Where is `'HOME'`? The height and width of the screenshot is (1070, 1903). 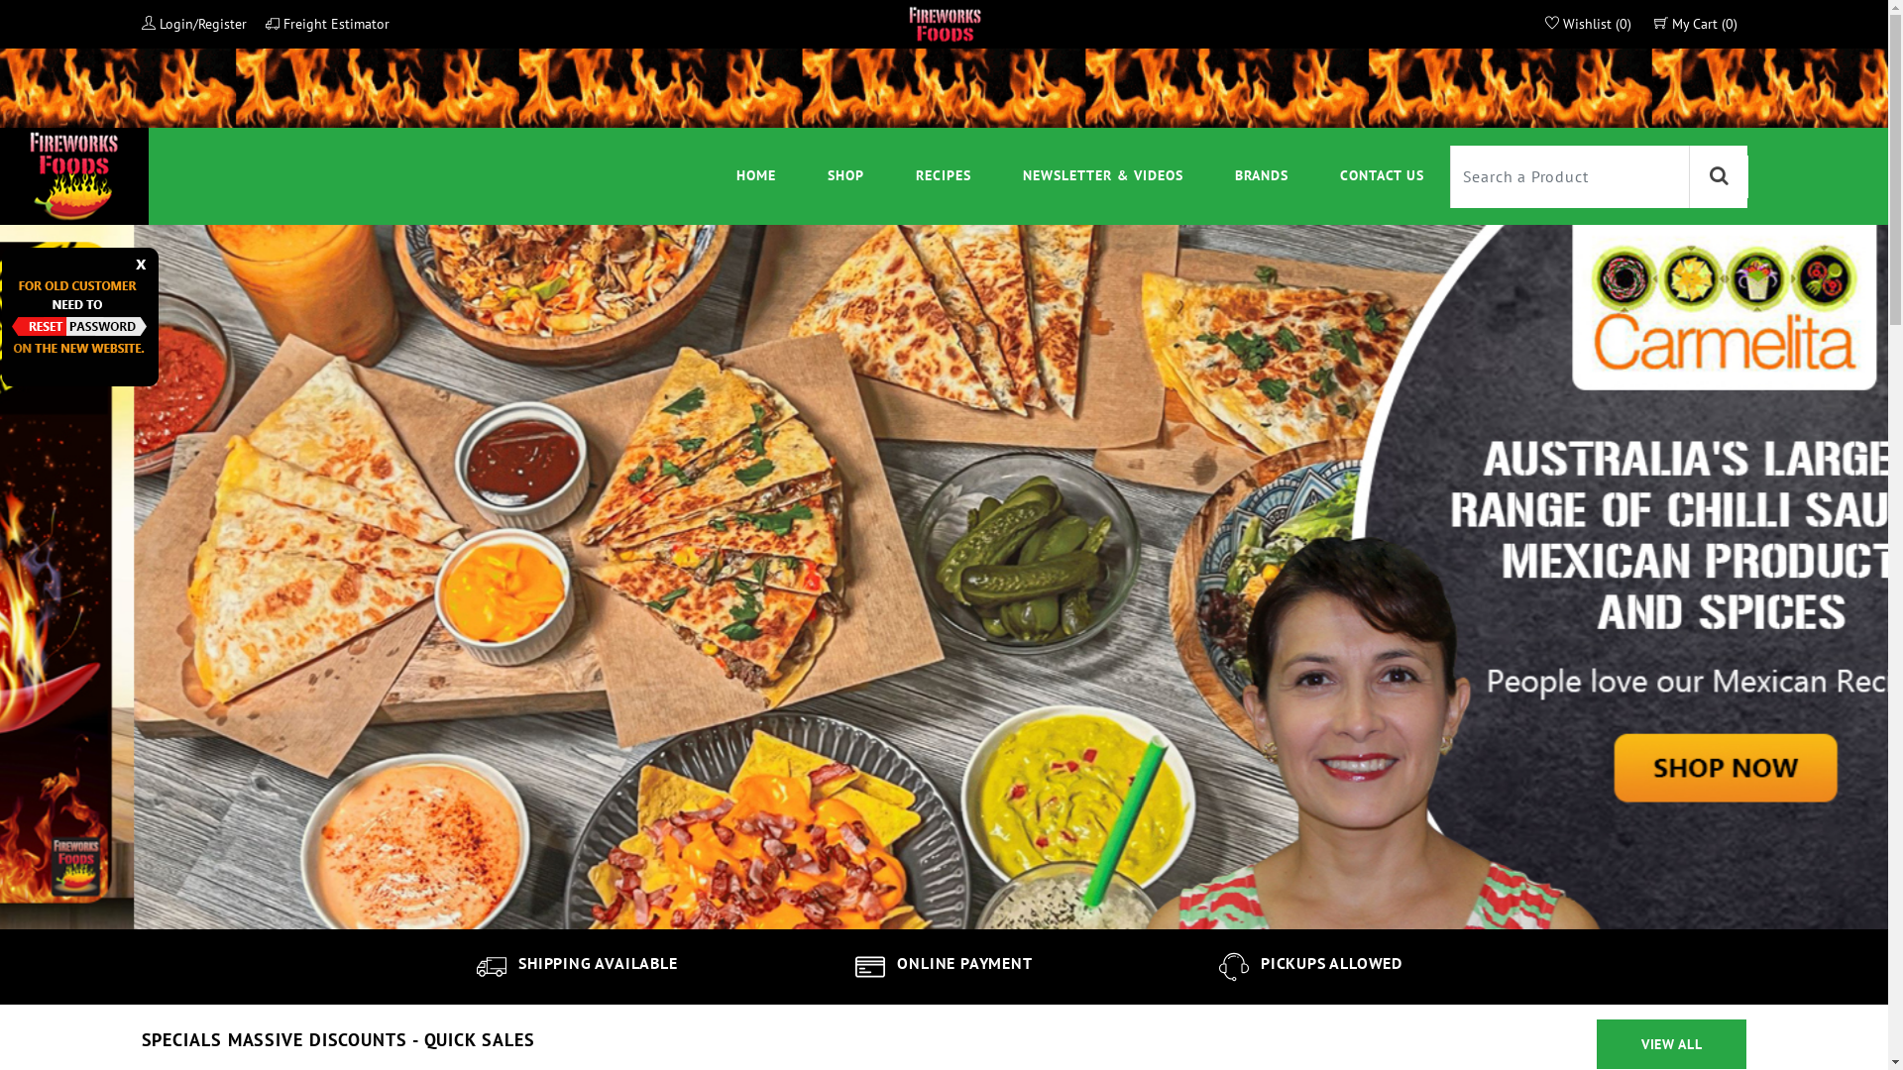
'HOME' is located at coordinates (755, 174).